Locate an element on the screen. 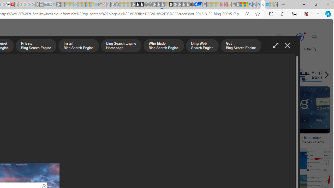  'Sign in to your account - Sleeping' is located at coordinates (166, 4).